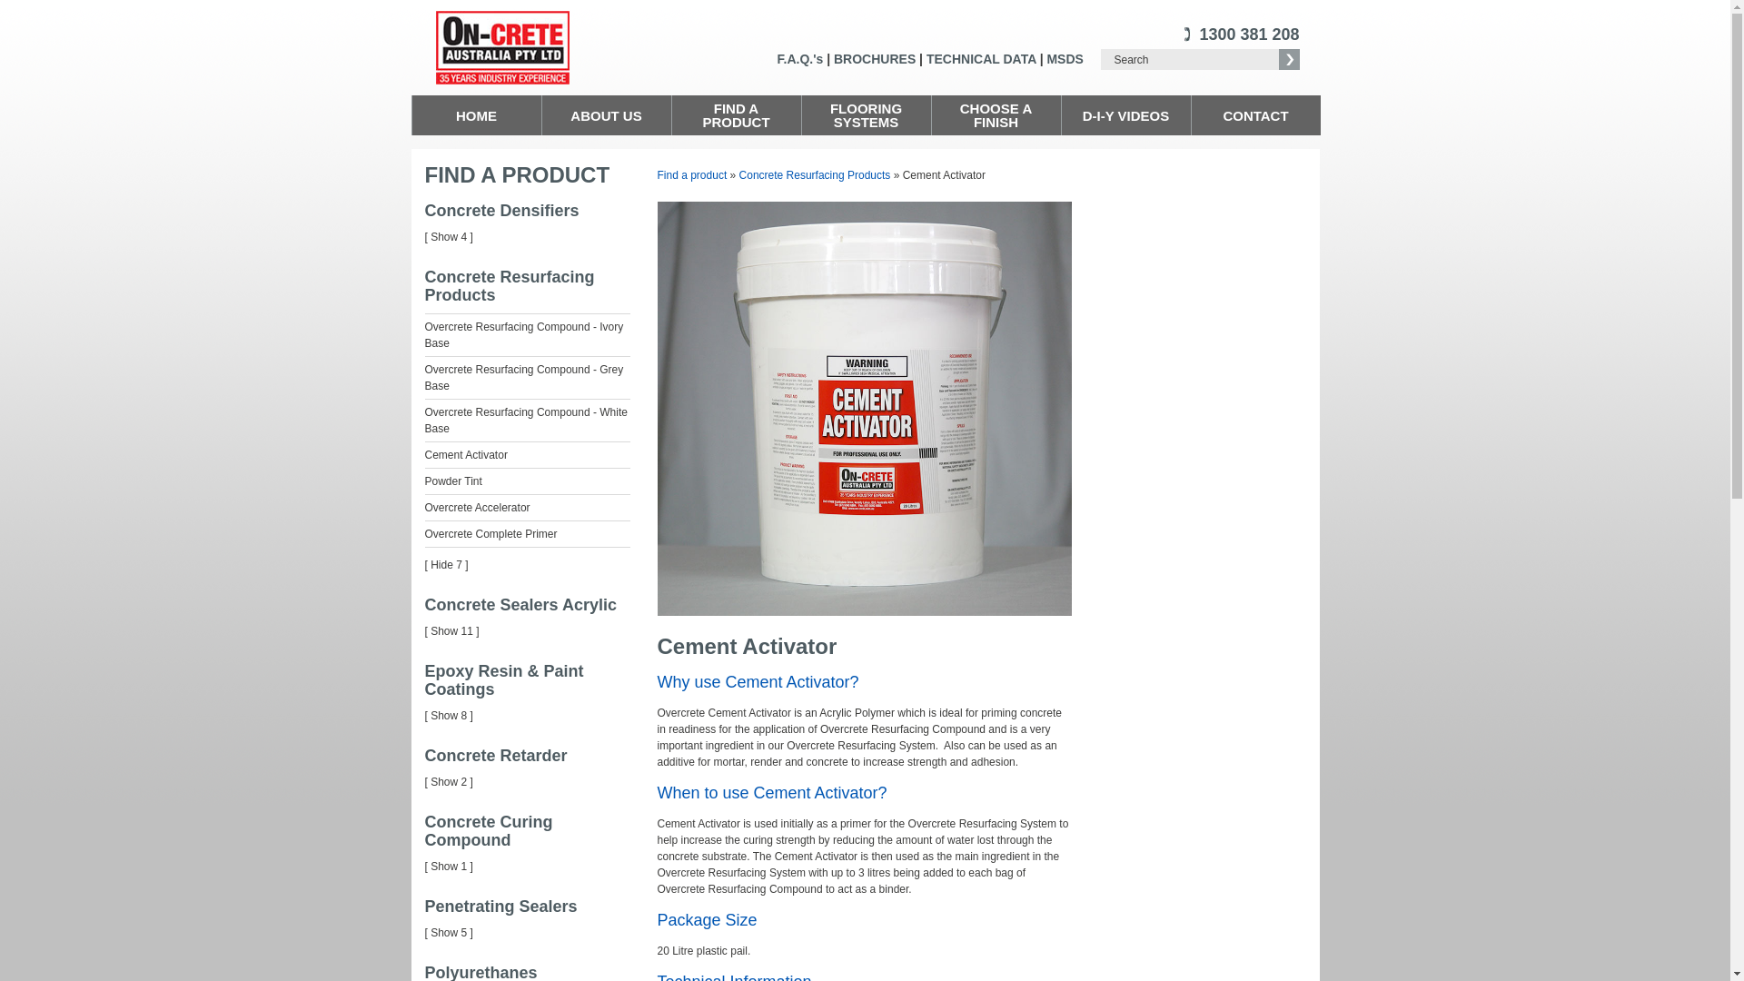 The image size is (1744, 981). I want to click on 'FLOORING SYSTEMS', so click(800, 115).